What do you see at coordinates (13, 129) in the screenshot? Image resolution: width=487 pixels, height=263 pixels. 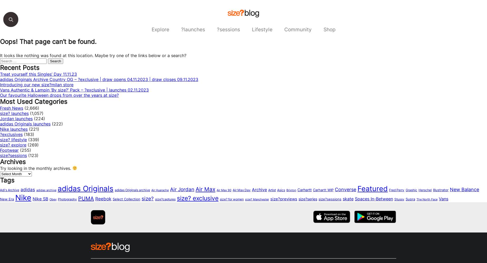 I see `'Nike launches'` at bounding box center [13, 129].